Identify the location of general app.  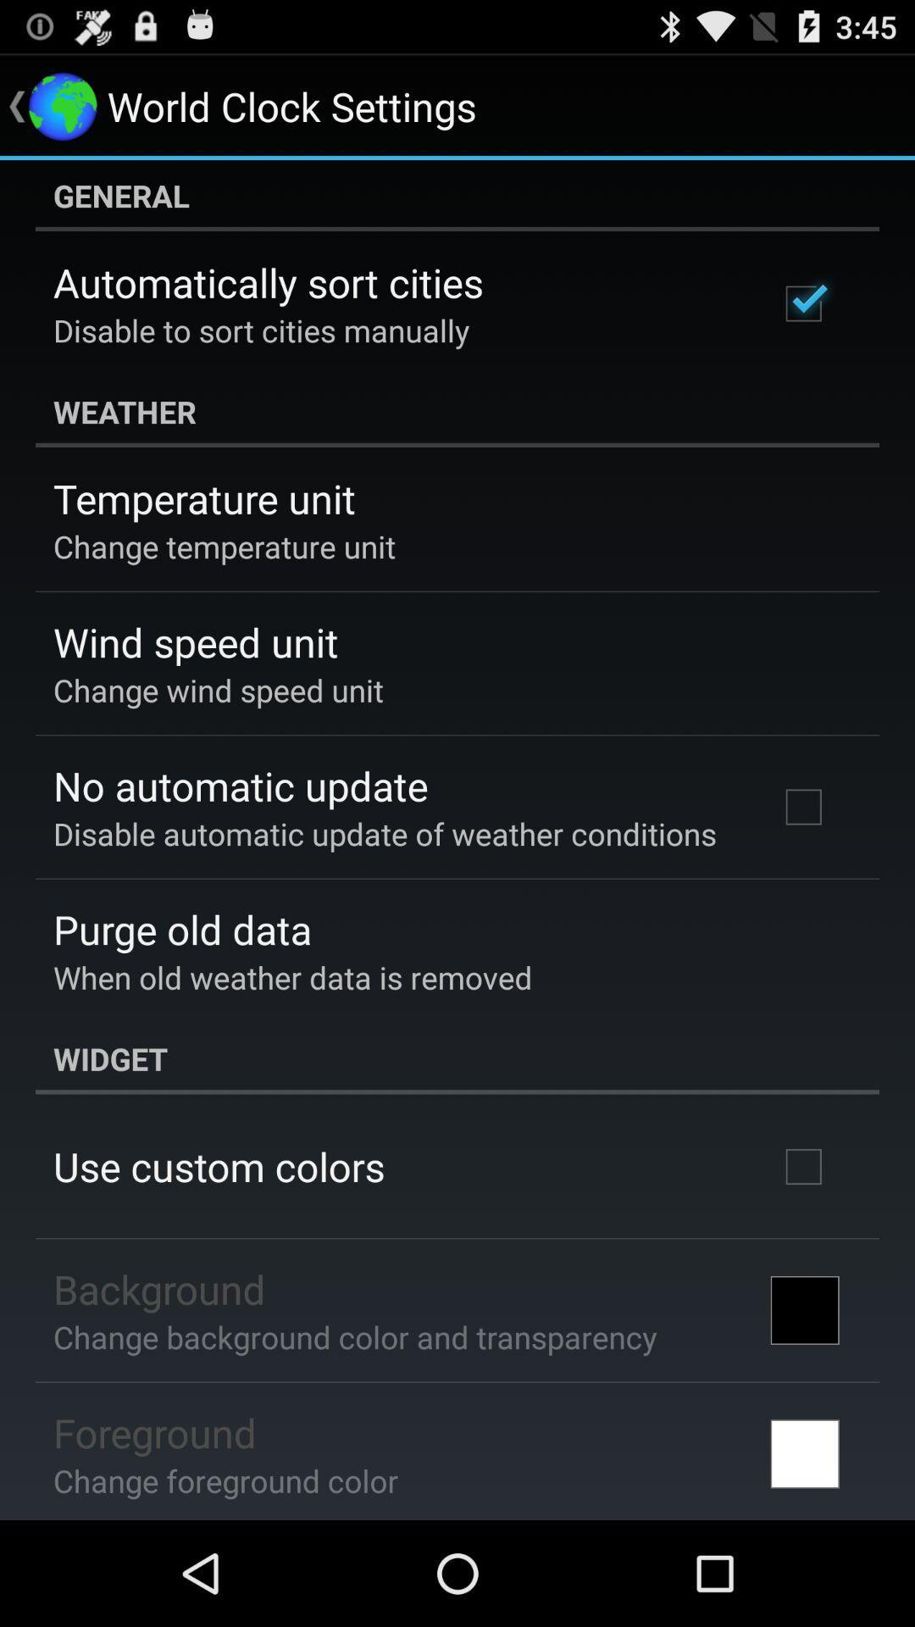
(457, 195).